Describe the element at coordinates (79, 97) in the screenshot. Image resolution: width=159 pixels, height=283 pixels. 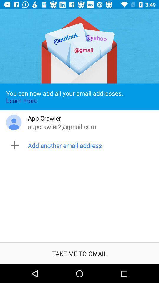
I see `you can now` at that location.